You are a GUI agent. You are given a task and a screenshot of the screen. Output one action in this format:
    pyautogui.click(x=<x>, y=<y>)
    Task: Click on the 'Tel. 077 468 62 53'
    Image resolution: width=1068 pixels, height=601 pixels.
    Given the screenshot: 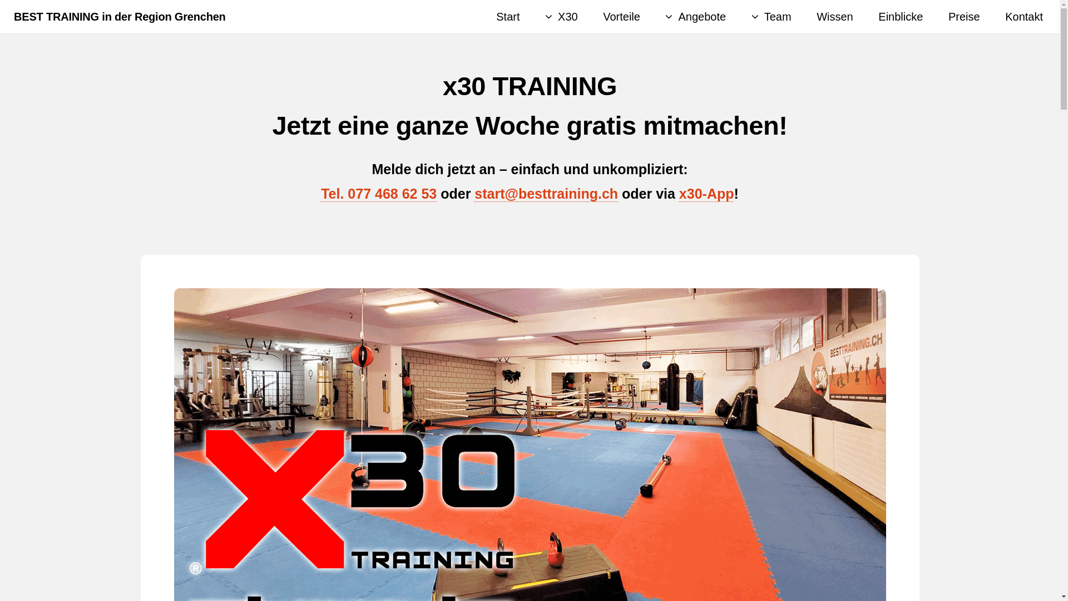 What is the action you would take?
    pyautogui.click(x=379, y=193)
    